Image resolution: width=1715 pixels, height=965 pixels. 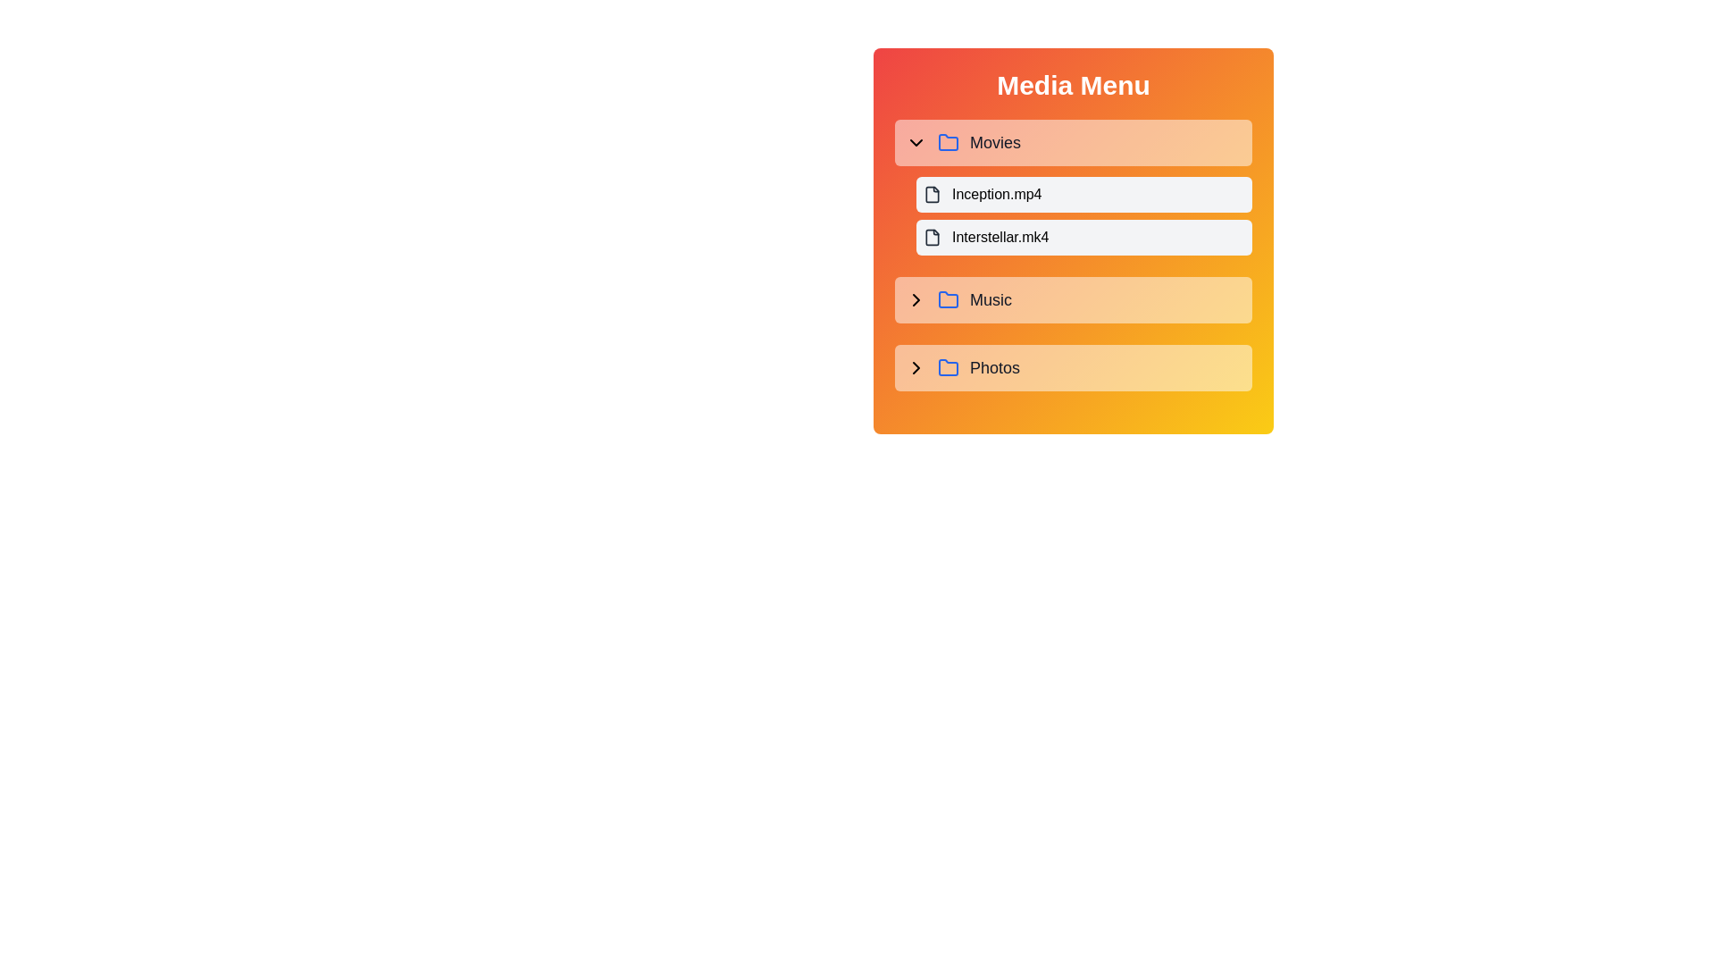 I want to click on to select the 'Interstellar.mk4' file entry located in the 'Movies' section of the 'Media Menu' panel, which is the second entry below 'Inception.mp4', so click(x=1072, y=255).